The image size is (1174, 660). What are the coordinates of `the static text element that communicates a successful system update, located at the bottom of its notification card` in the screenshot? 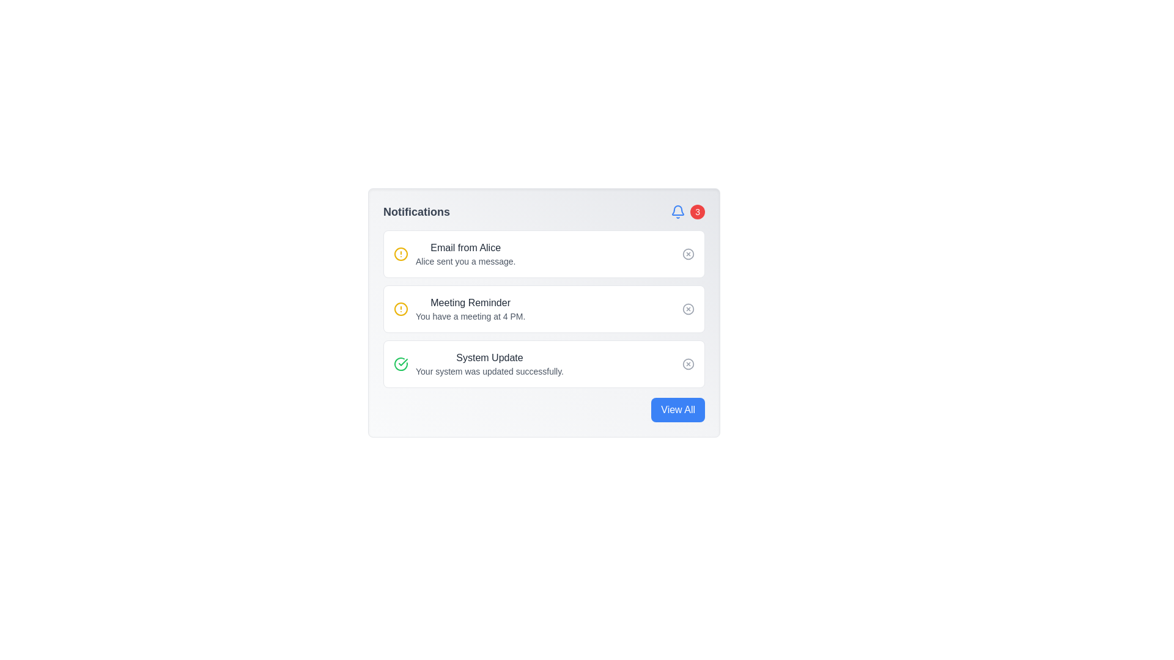 It's located at (490, 371).